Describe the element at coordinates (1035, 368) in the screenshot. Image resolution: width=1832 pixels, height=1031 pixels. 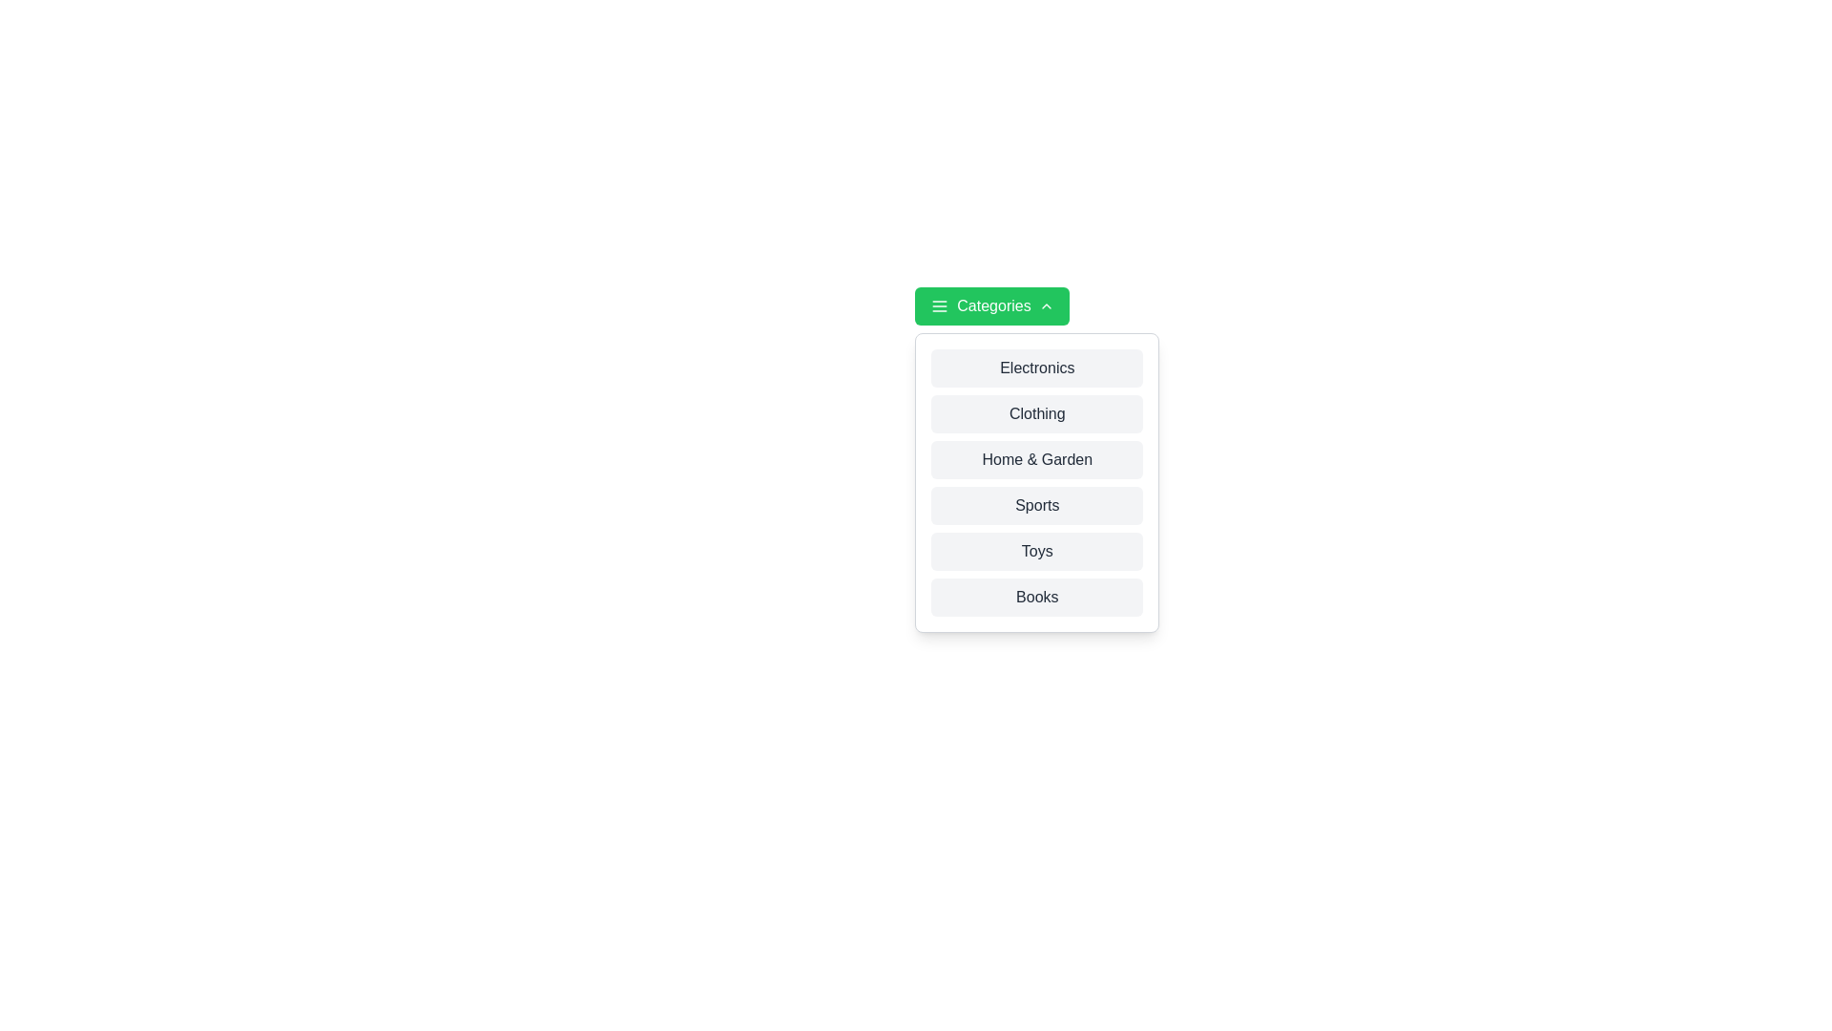
I see `the 'Electronics' category selection button located at the top of the 'Categories' menu` at that location.